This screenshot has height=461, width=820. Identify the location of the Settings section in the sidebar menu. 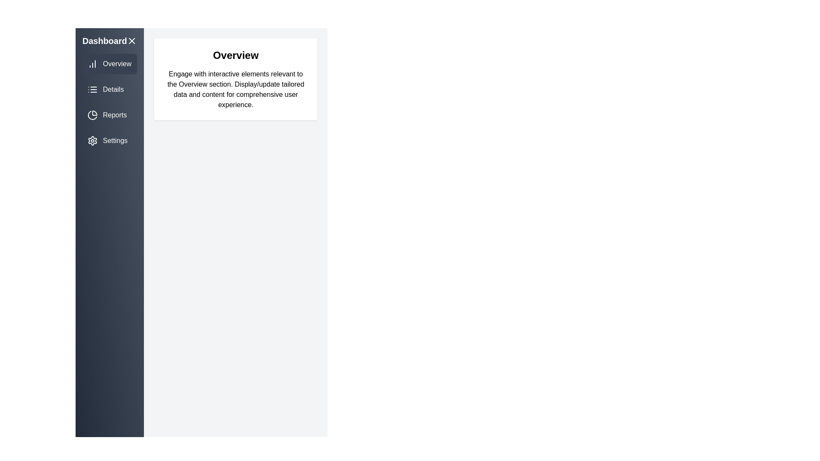
(109, 140).